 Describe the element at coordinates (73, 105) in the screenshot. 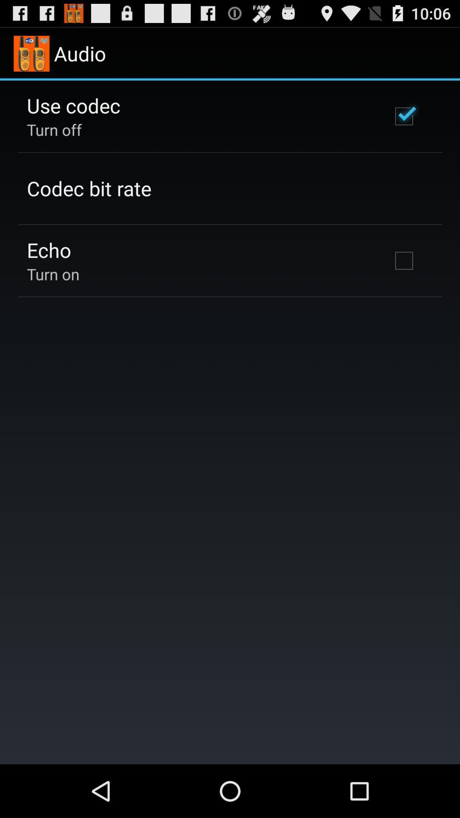

I see `the item above turn off item` at that location.